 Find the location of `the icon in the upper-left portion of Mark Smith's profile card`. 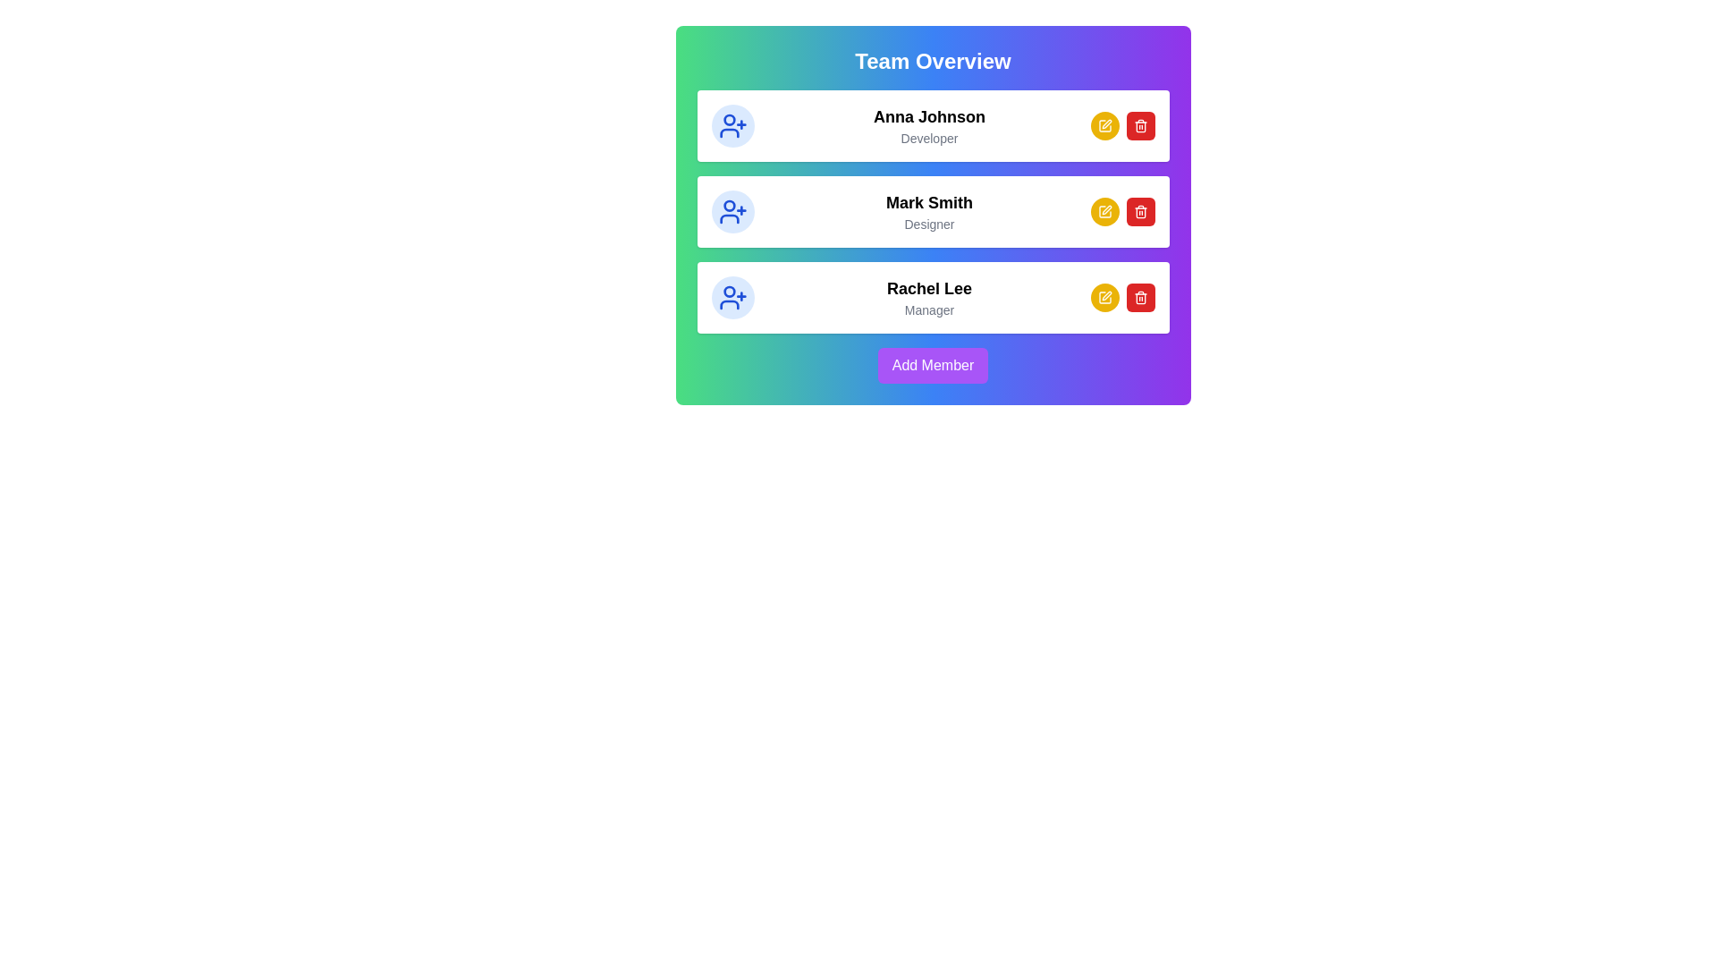

the icon in the upper-left portion of Mark Smith's profile card is located at coordinates (732, 210).